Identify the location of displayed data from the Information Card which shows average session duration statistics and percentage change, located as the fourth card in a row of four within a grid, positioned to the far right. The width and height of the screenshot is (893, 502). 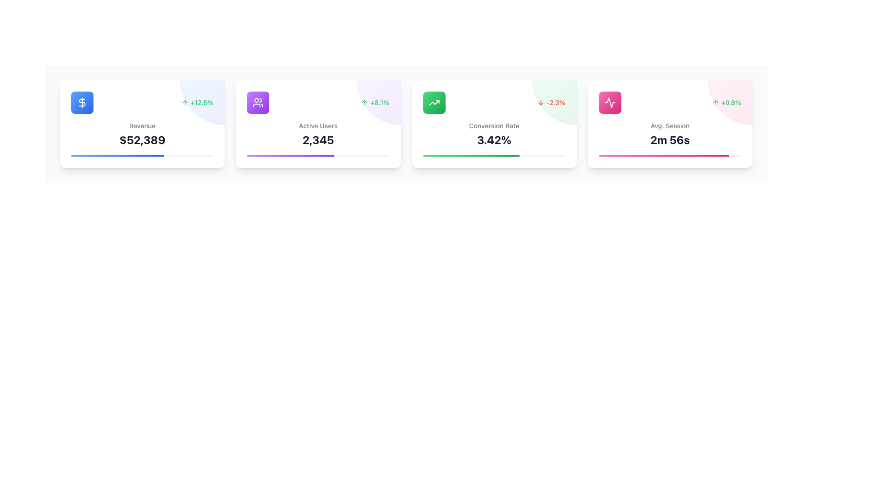
(670, 123).